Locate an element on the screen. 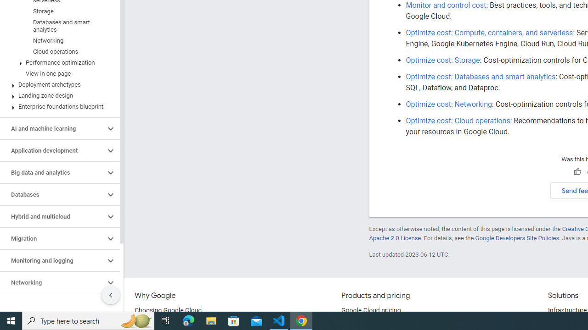 The width and height of the screenshot is (588, 330). 'Apache 2.0 License' is located at coordinates (395, 237).